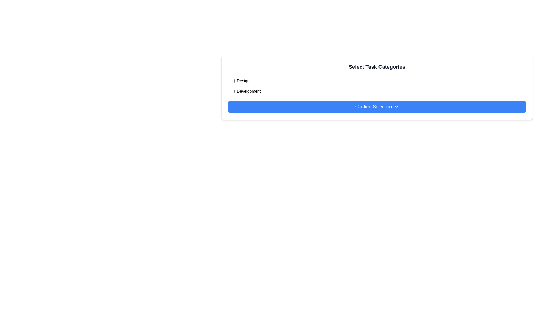  Describe the element at coordinates (233, 81) in the screenshot. I see `the checkbox UI component adjacent to the label 'Design' in the task selection interface` at that location.